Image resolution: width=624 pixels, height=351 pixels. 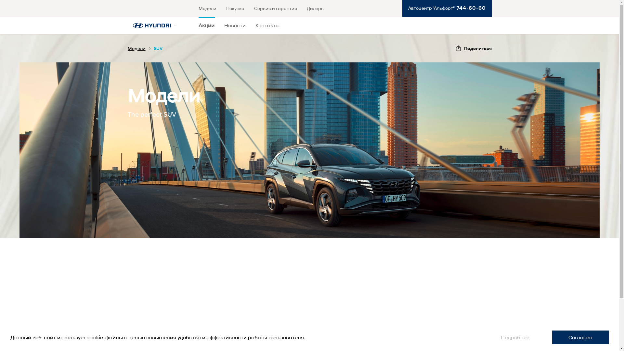 I want to click on 'SUV', so click(x=158, y=48).